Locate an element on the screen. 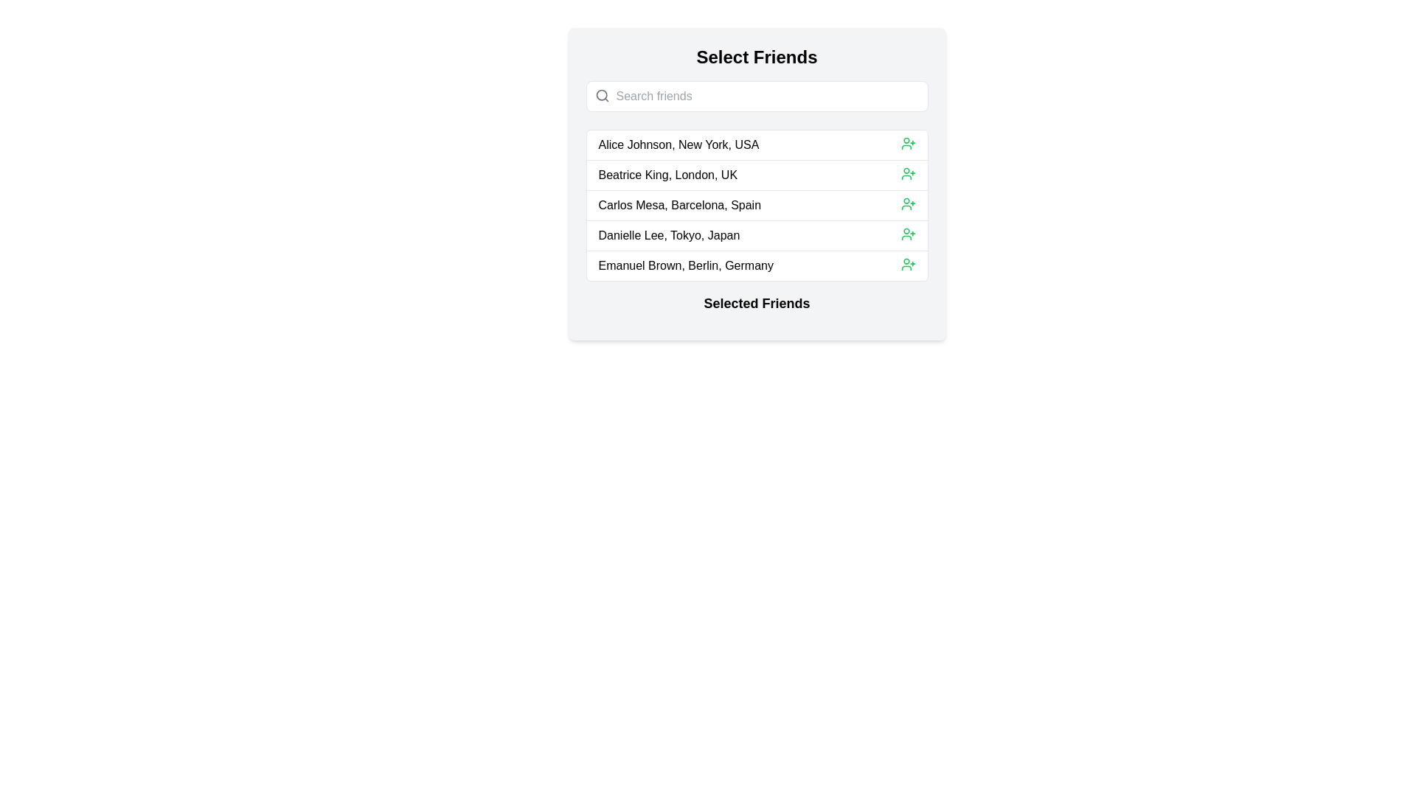  the green user icon with a '+' sign located to the far right of the row containing the text 'Alice Johnson, New York, USA' is located at coordinates (907, 144).